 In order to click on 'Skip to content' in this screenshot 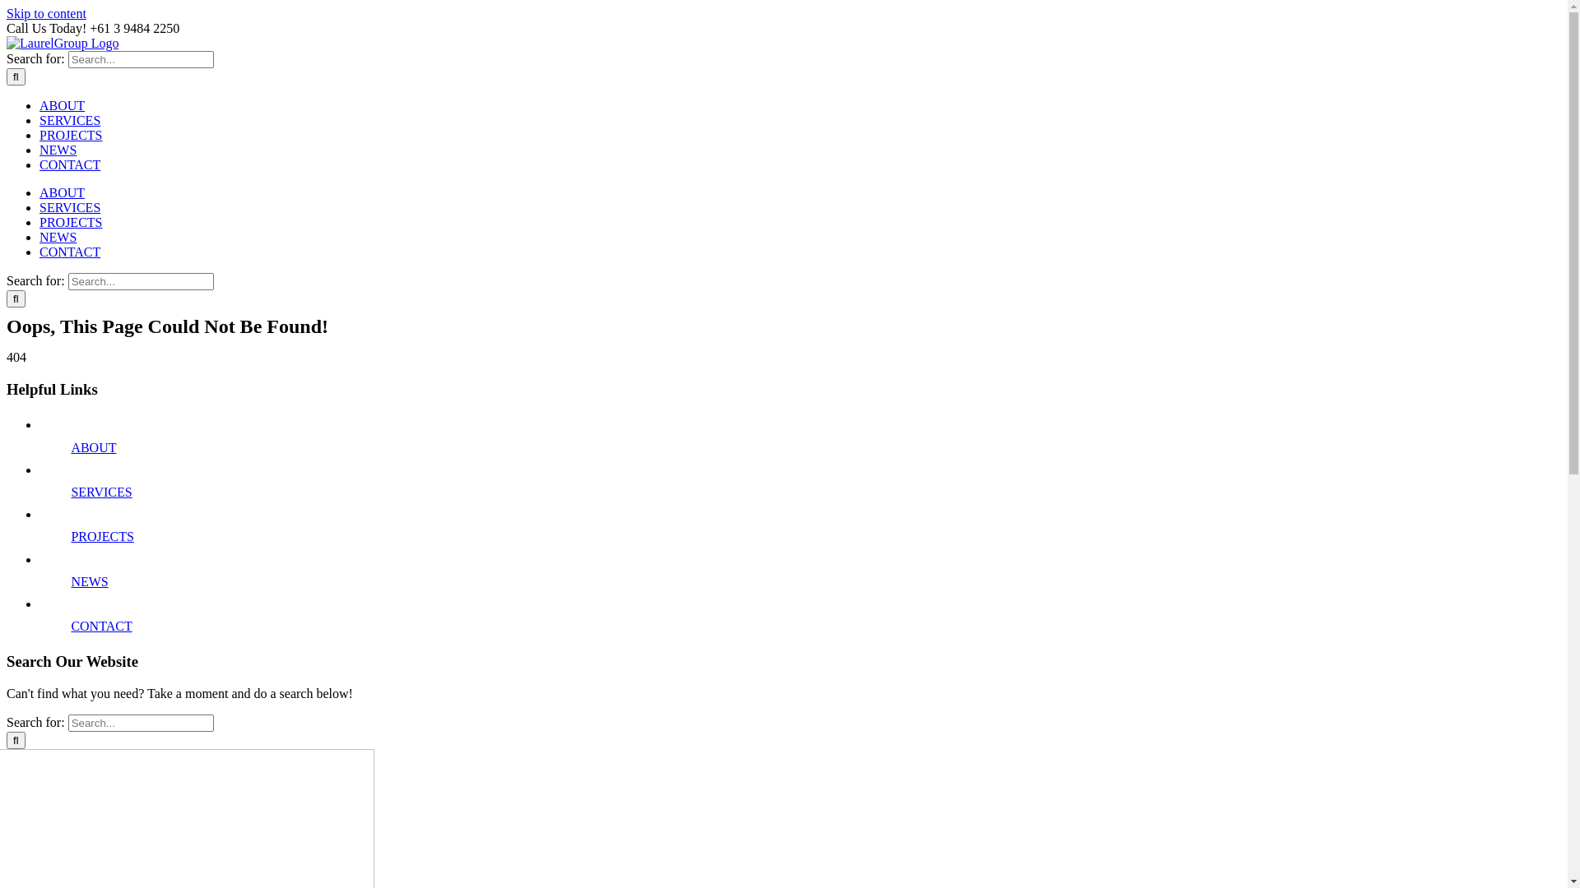, I will do `click(46, 13)`.